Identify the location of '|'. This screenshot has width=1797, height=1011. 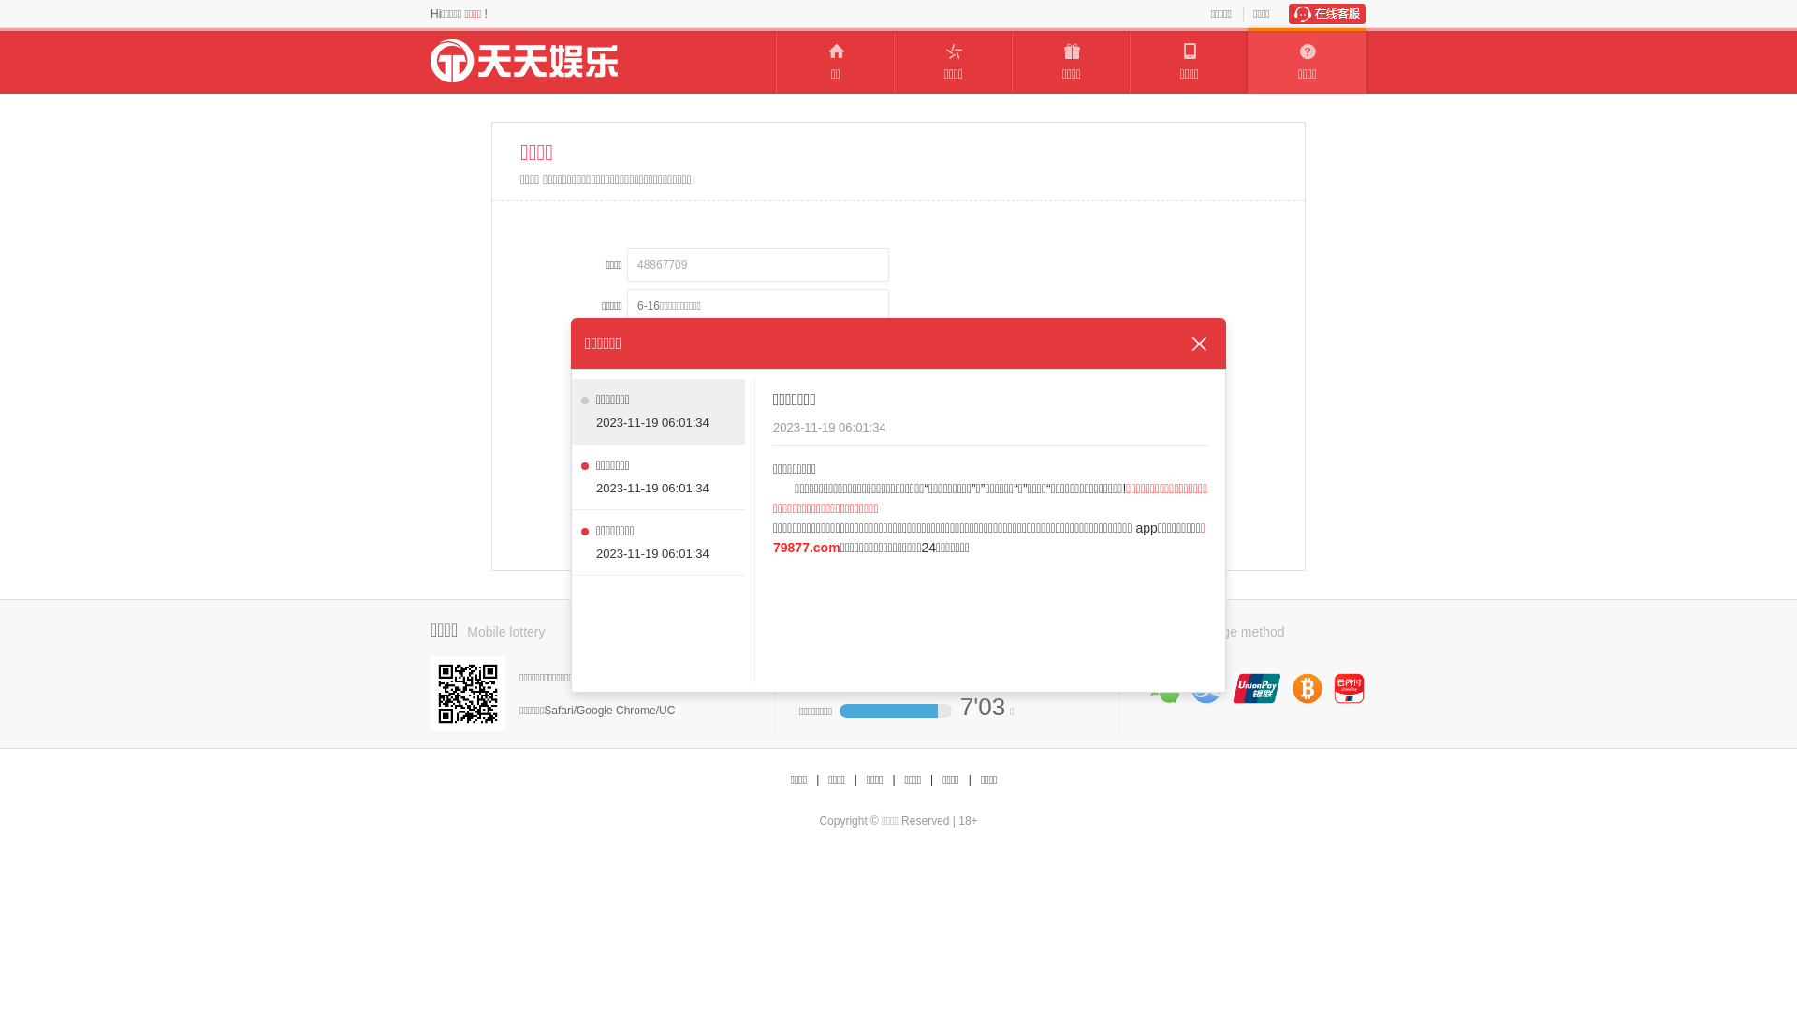
(931, 780).